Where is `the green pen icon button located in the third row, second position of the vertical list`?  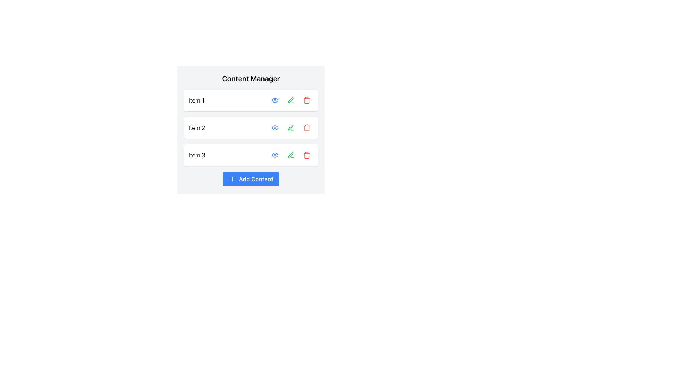
the green pen icon button located in the third row, second position of the vertical list is located at coordinates (291, 155).